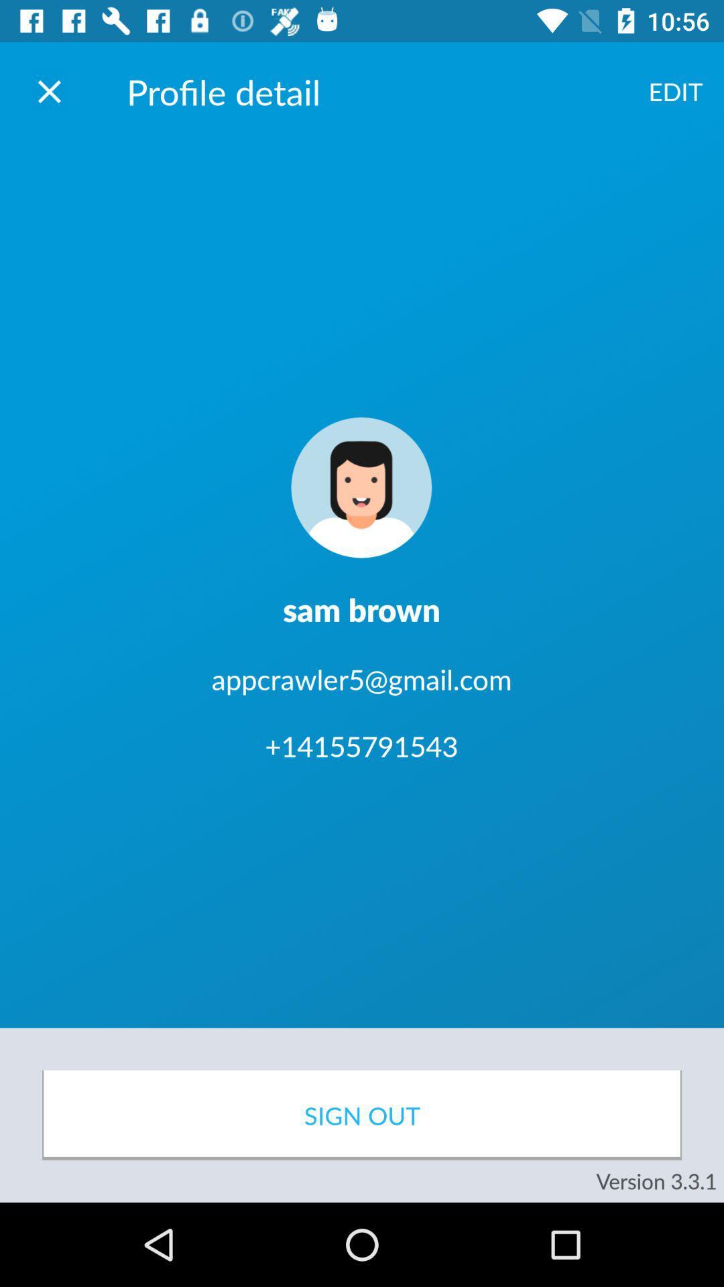 This screenshot has width=724, height=1287. What do you see at coordinates (48, 90) in the screenshot?
I see `screen` at bounding box center [48, 90].